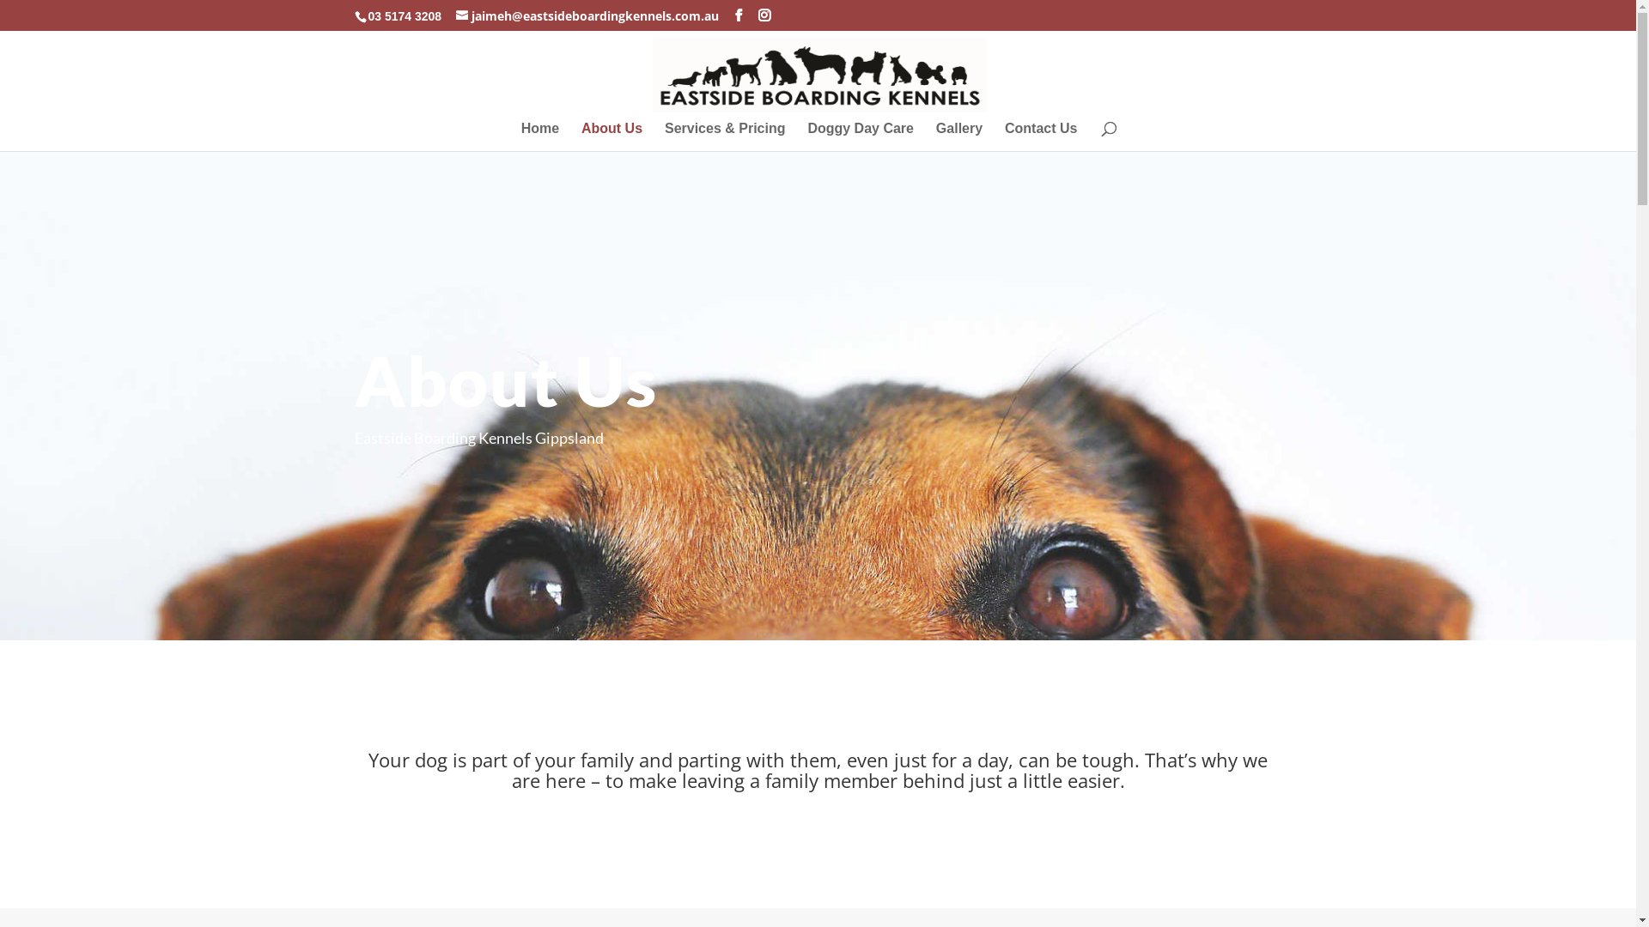 Image resolution: width=1649 pixels, height=927 pixels. Describe the element at coordinates (725, 136) in the screenshot. I see `'Services & Pricing'` at that location.